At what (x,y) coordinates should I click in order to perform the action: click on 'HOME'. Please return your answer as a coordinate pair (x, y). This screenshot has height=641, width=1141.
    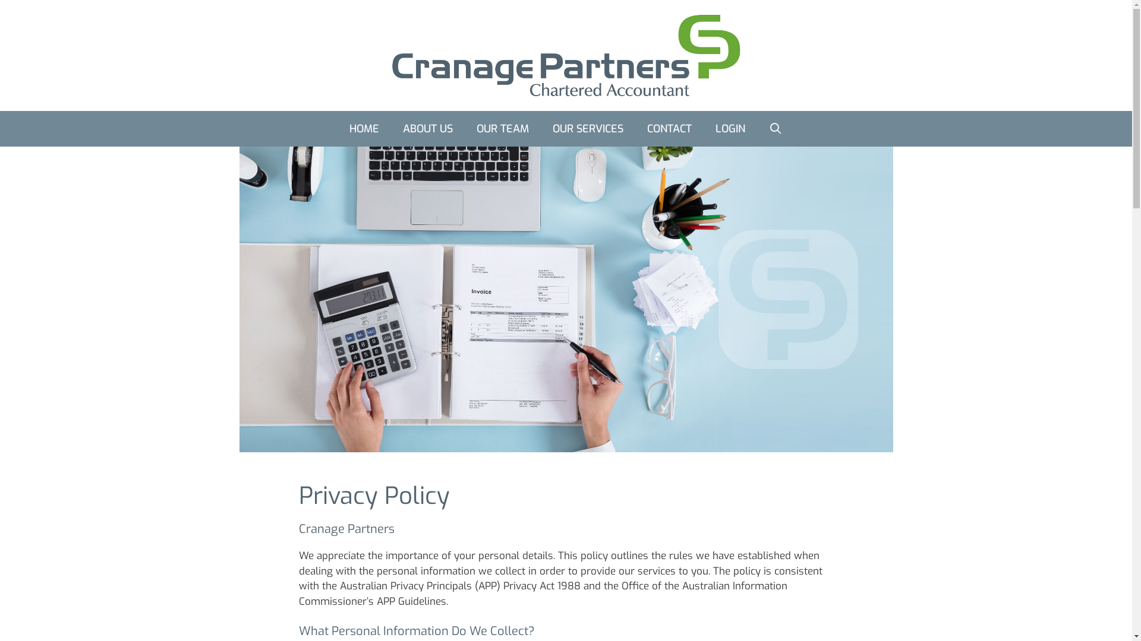
    Looking at the image, I should click on (364, 128).